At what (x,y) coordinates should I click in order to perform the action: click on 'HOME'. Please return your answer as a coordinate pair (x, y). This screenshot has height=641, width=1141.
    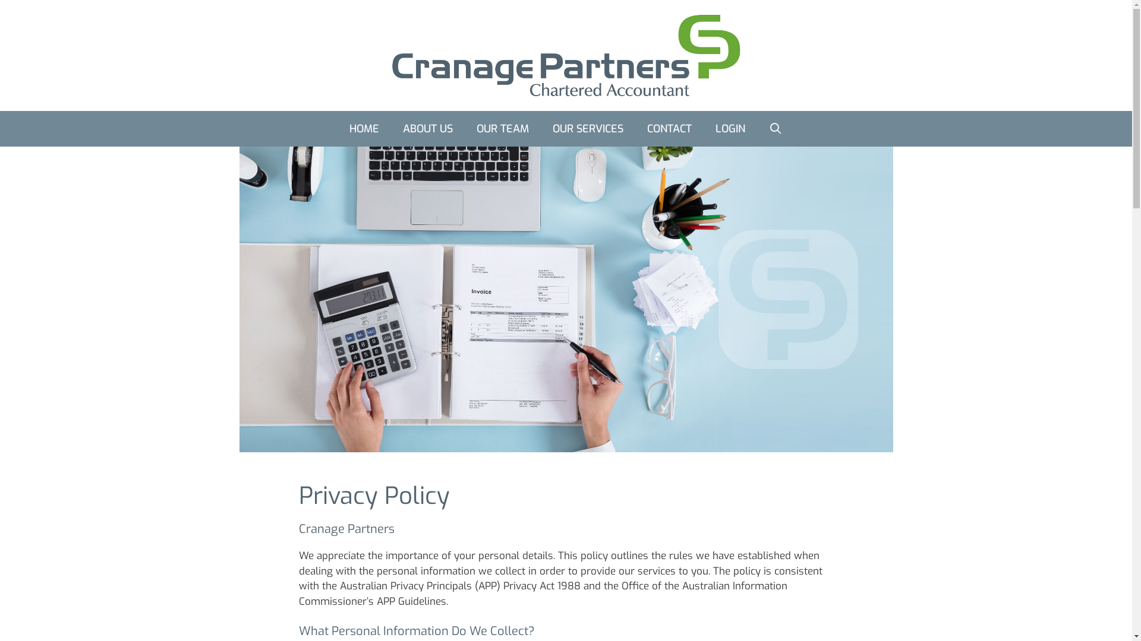
    Looking at the image, I should click on (364, 128).